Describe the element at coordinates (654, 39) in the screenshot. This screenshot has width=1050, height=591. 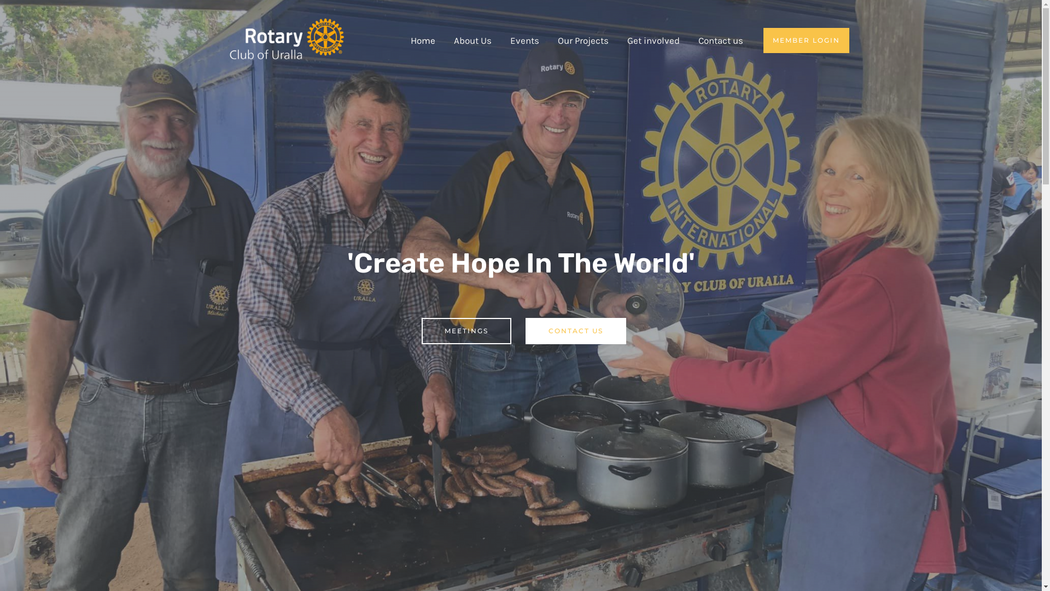
I see `'Get involved'` at that location.